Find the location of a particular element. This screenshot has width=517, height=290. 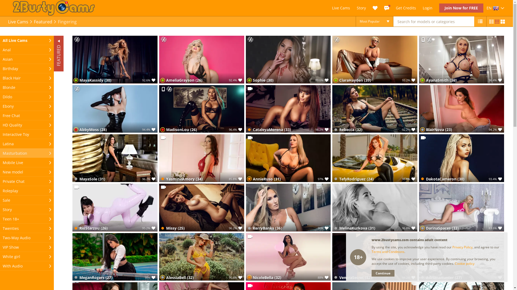

'Missy (25) is located at coordinates (201, 207).